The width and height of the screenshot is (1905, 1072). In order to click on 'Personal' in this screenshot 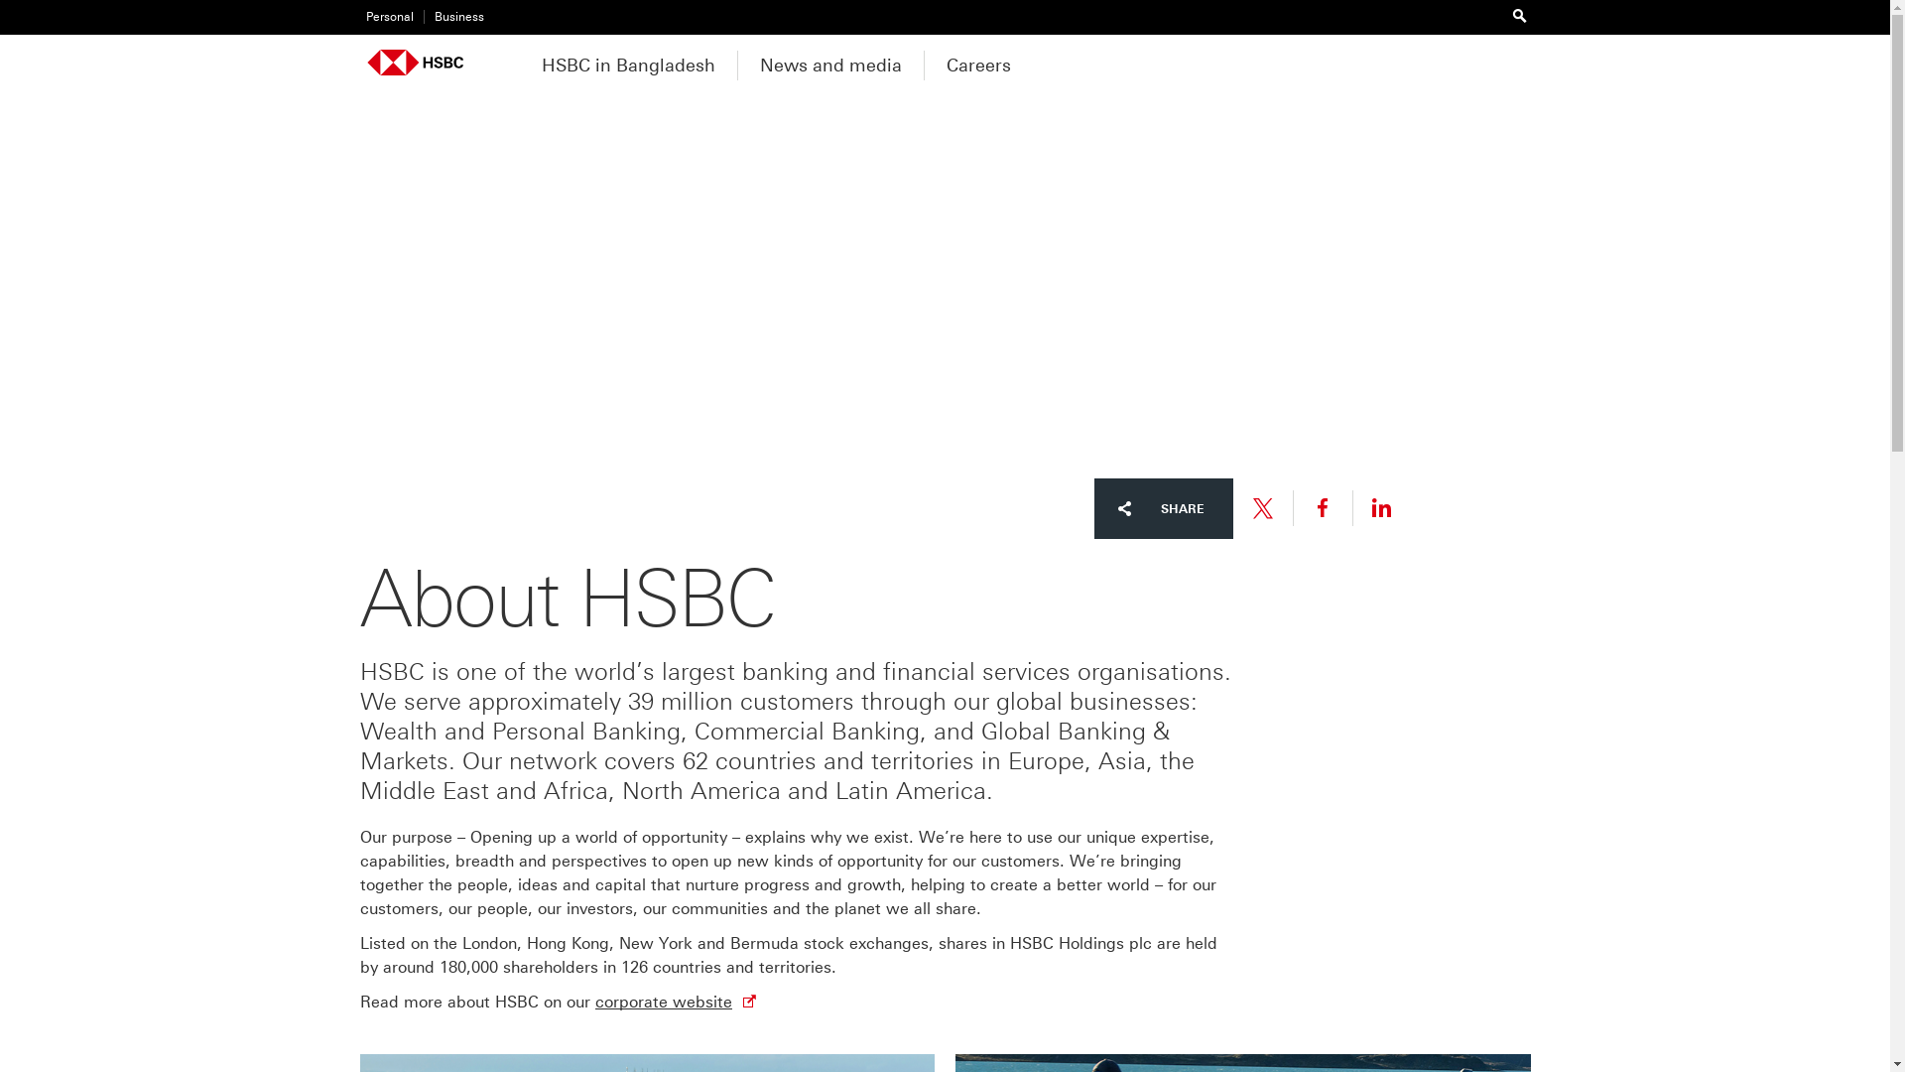, I will do `click(385, 17)`.